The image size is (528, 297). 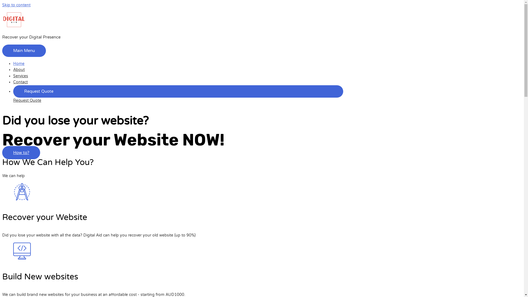 What do you see at coordinates (19, 69) in the screenshot?
I see `'About'` at bounding box center [19, 69].